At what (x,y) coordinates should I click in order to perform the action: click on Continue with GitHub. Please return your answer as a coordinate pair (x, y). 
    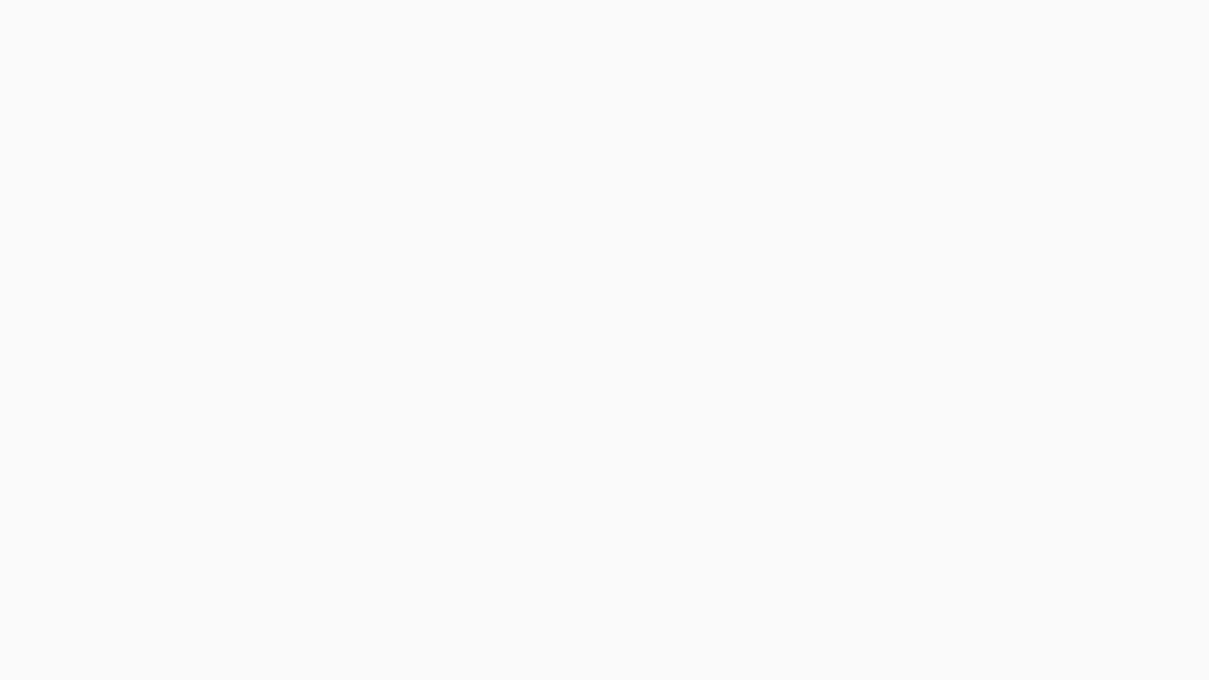
    Looking at the image, I should click on (195, 438).